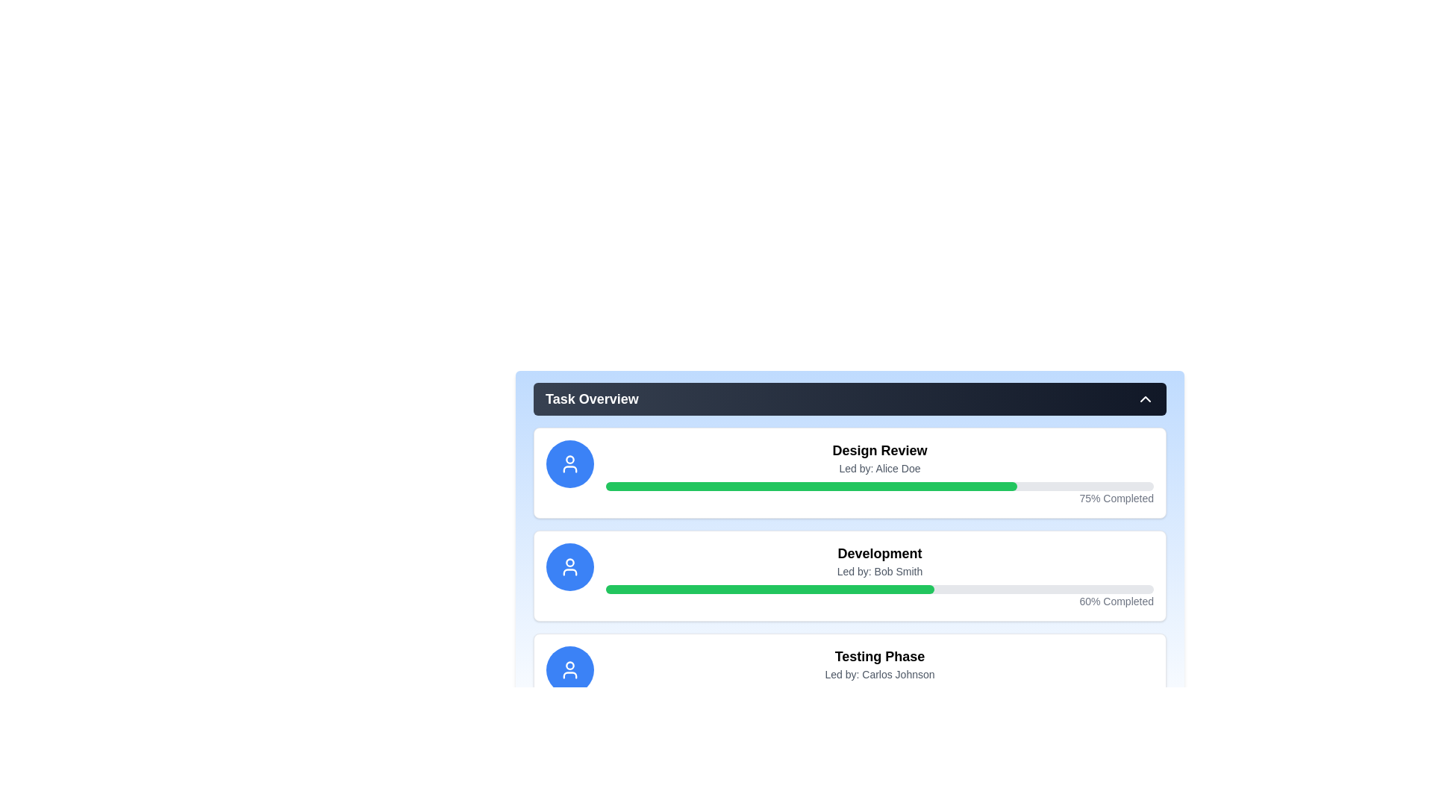  What do you see at coordinates (569, 562) in the screenshot?
I see `the circular profile picture icon with a blue fill and white user silhouette, which is the second in the series under the 'Development' task in the task list` at bounding box center [569, 562].